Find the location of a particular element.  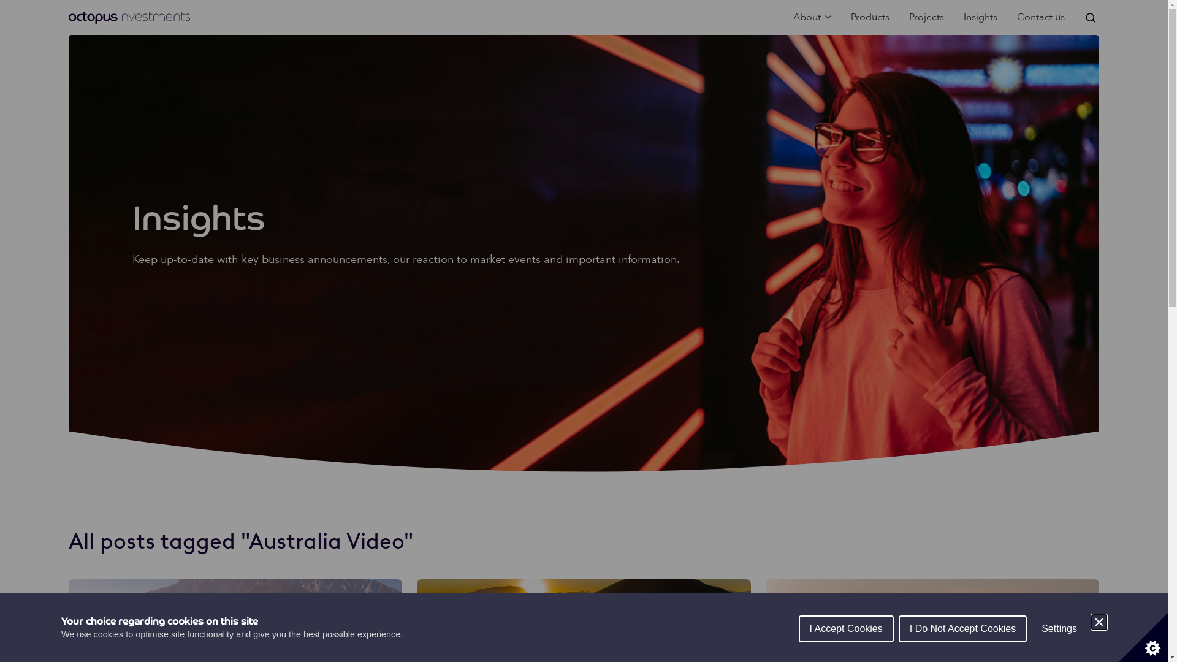

'Settings' is located at coordinates (1059, 629).